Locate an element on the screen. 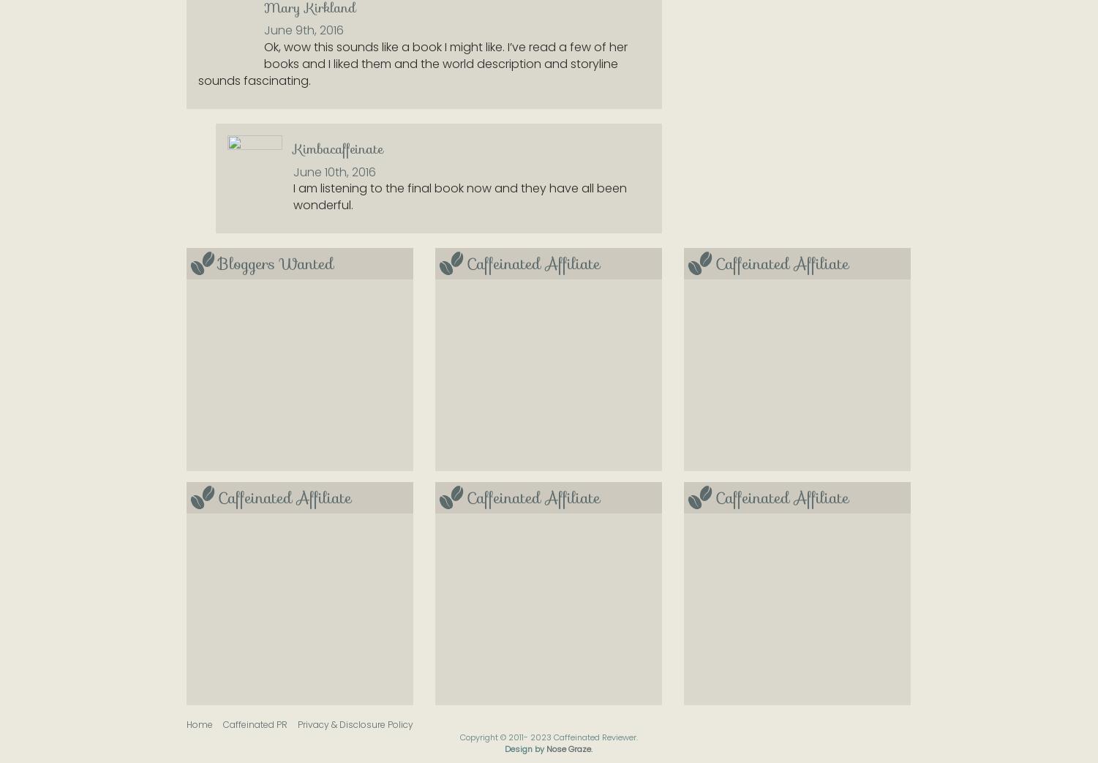 The image size is (1098, 763). 'Copyright © 2011- 2023 Caffeinated Reviewer.' is located at coordinates (548, 737).